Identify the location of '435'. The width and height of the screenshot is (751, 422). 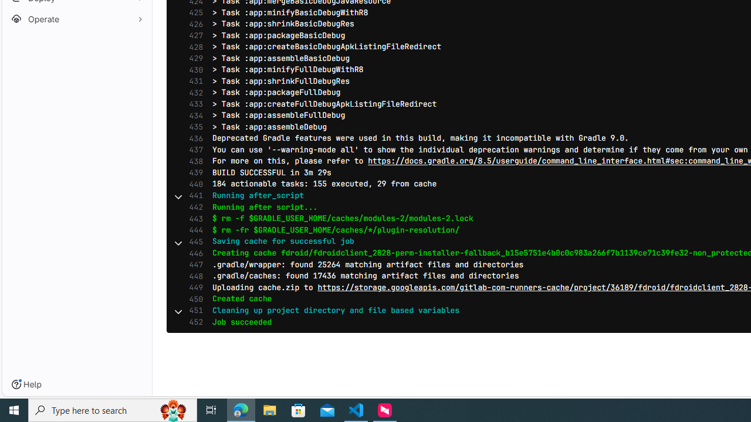
(193, 127).